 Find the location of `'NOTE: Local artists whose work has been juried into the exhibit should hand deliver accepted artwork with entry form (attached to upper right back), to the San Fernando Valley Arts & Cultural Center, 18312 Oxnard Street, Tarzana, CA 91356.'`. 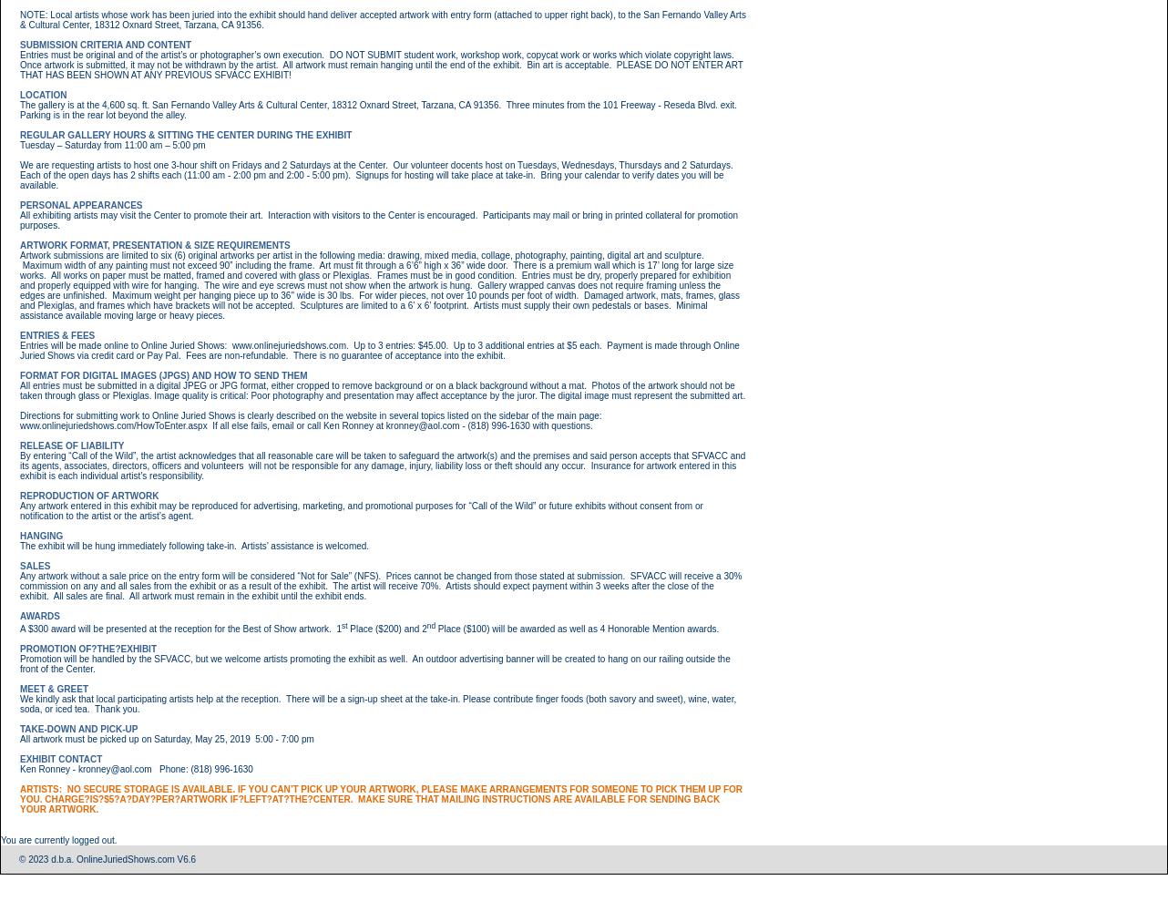

'NOTE: Local artists whose work has been juried into the exhibit should hand deliver accepted artwork with entry form (attached to upper right back), to the San Fernando Valley Arts & Cultural Center, 18312 Oxnard Street, Tarzana, CA 91356.' is located at coordinates (381, 19).